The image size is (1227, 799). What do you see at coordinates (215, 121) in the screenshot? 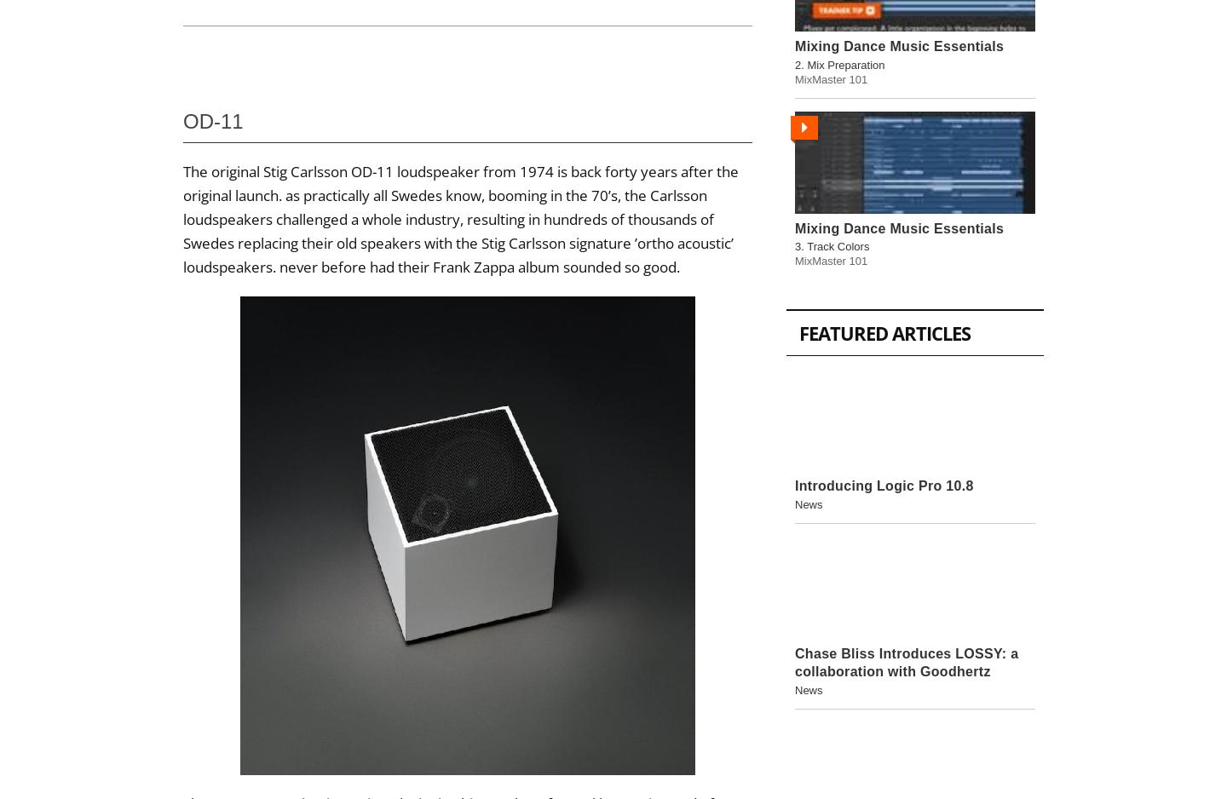
I see `'OD-11'` at bounding box center [215, 121].